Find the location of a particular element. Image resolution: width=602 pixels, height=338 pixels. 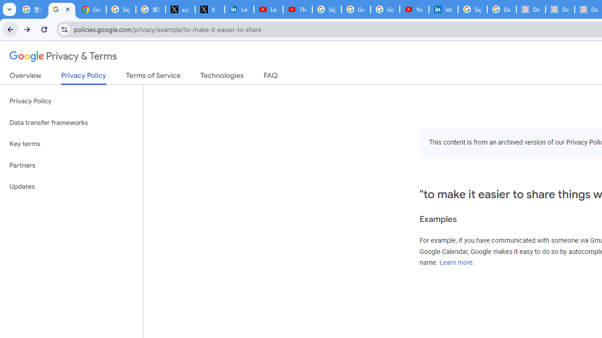

'Learn more.' is located at coordinates (457, 262).